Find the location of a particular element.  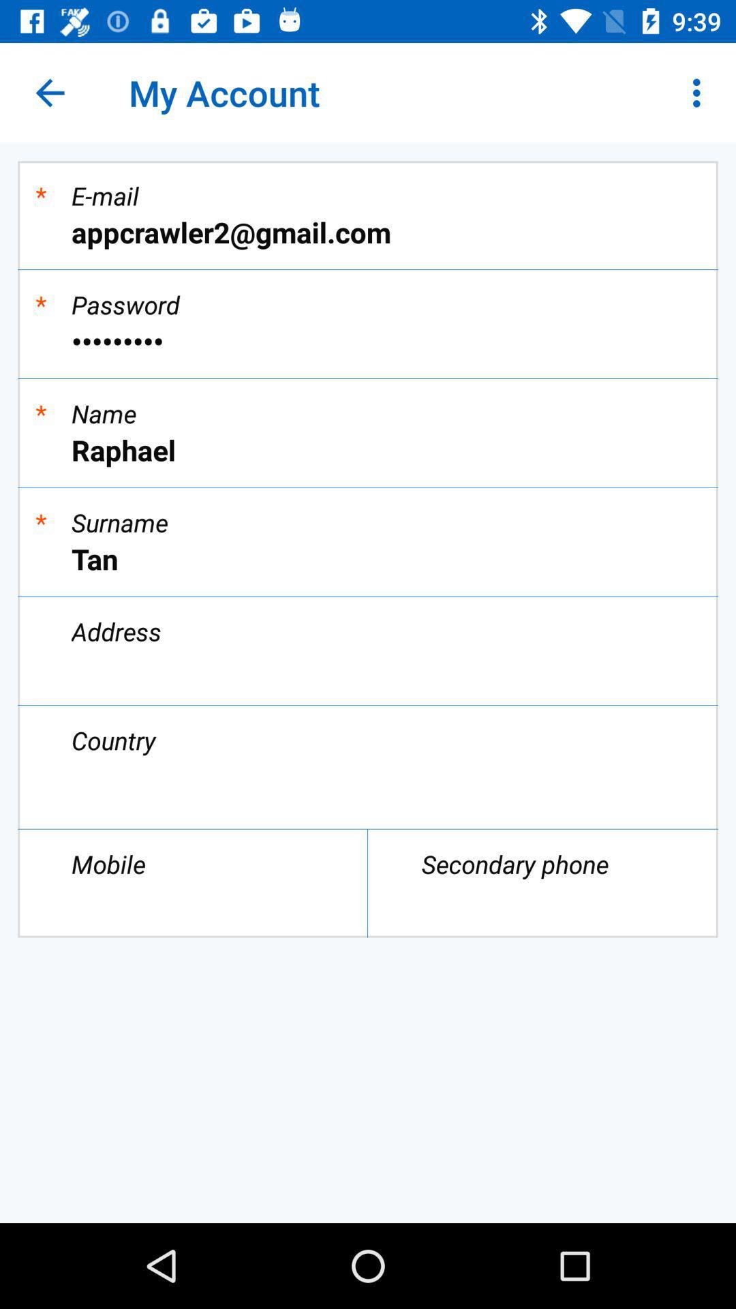

the crowd3116 is located at coordinates (368, 341).